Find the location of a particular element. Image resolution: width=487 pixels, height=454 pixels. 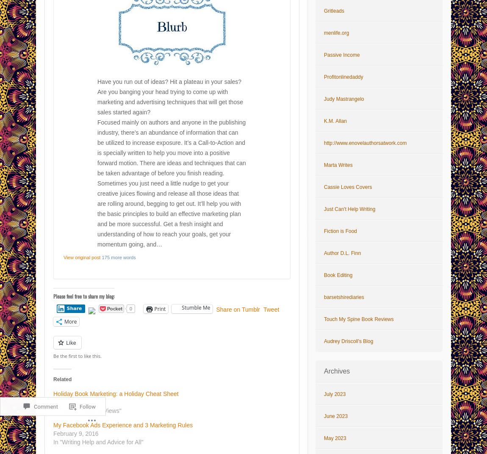

'Share' is located at coordinates (74, 307).